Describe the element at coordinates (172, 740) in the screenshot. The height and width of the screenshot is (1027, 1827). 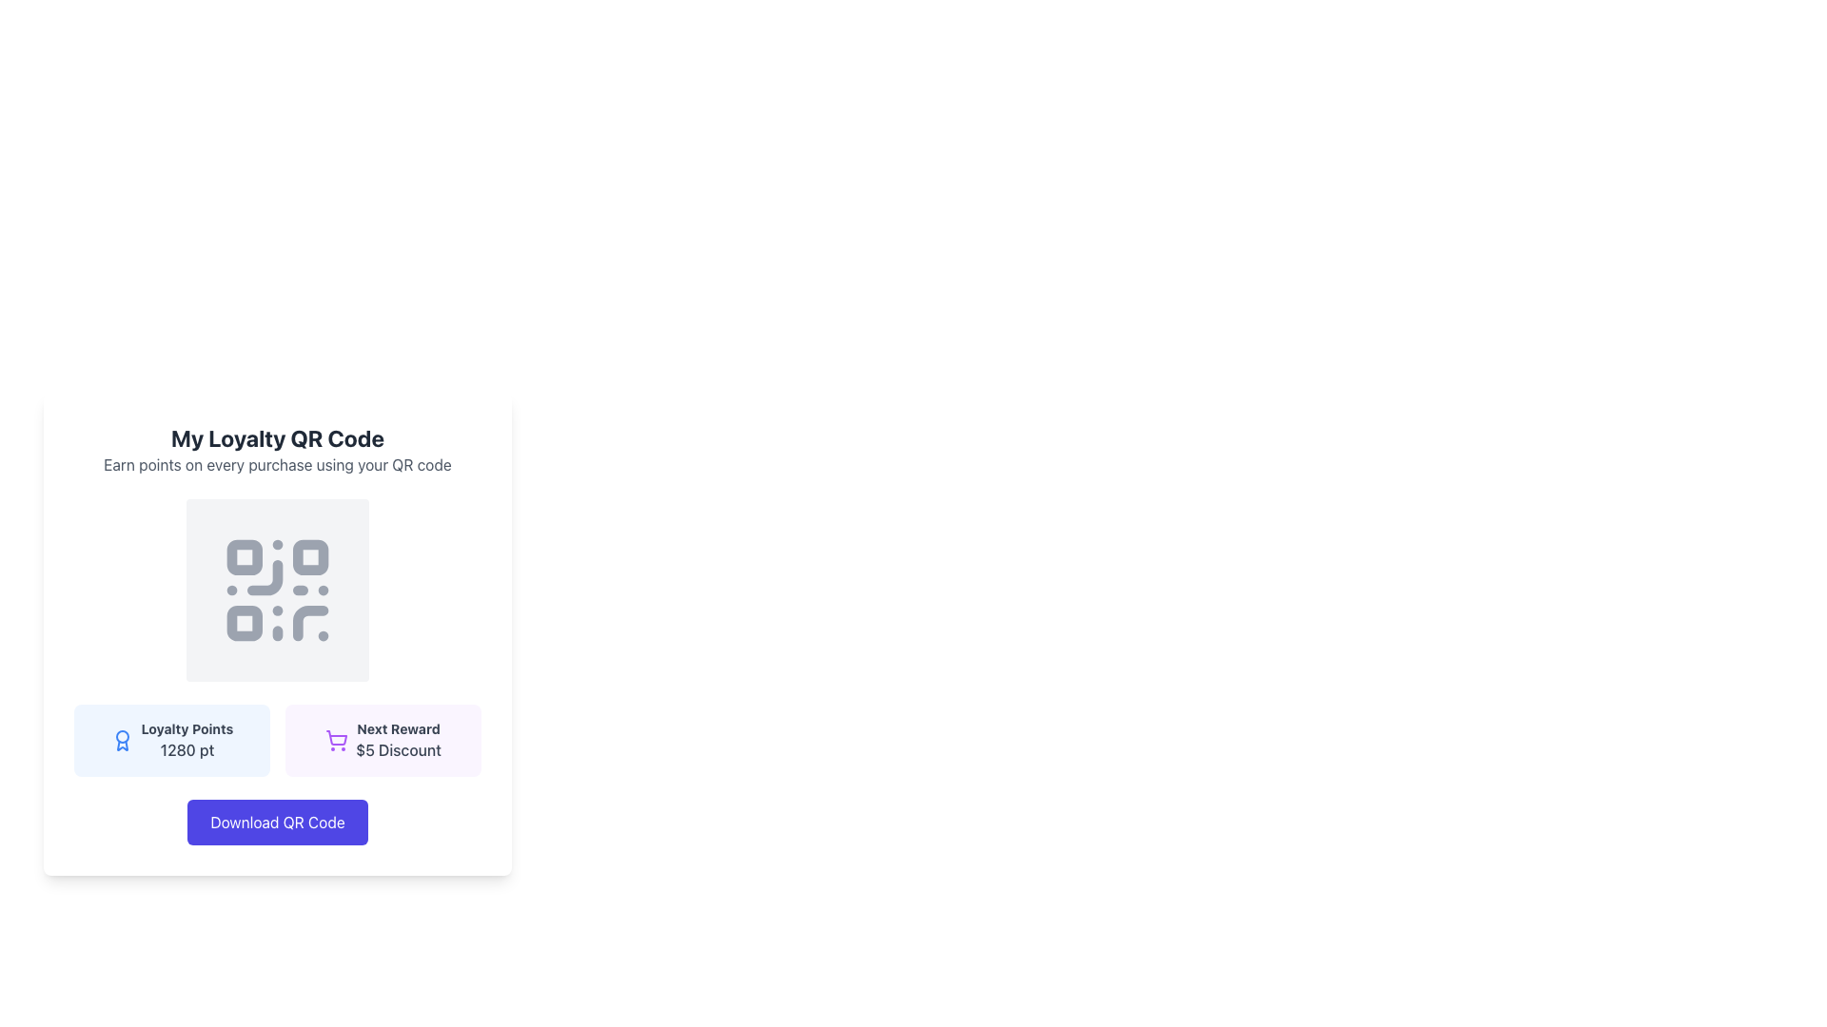
I see `the informational card displaying the user's current loyalty points status, located in the lower left quadrant of the card layout` at that location.